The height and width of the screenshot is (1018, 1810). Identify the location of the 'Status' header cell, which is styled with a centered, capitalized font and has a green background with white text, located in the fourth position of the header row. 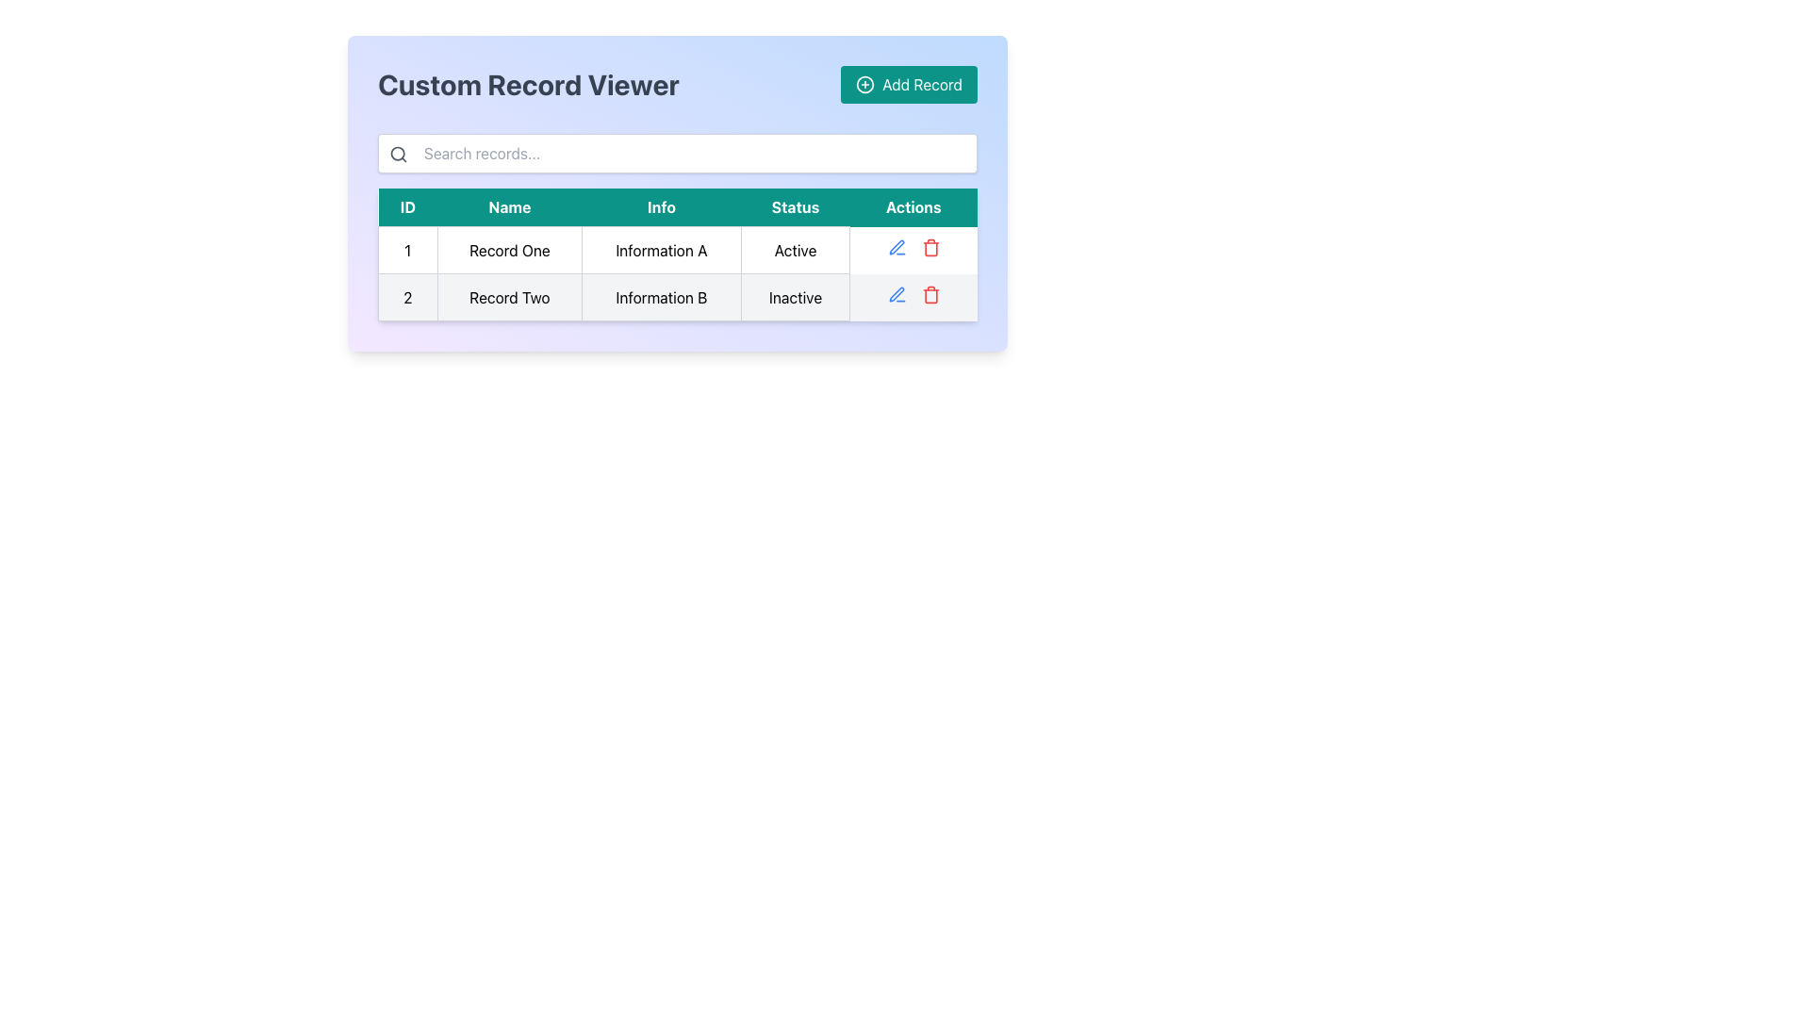
(796, 207).